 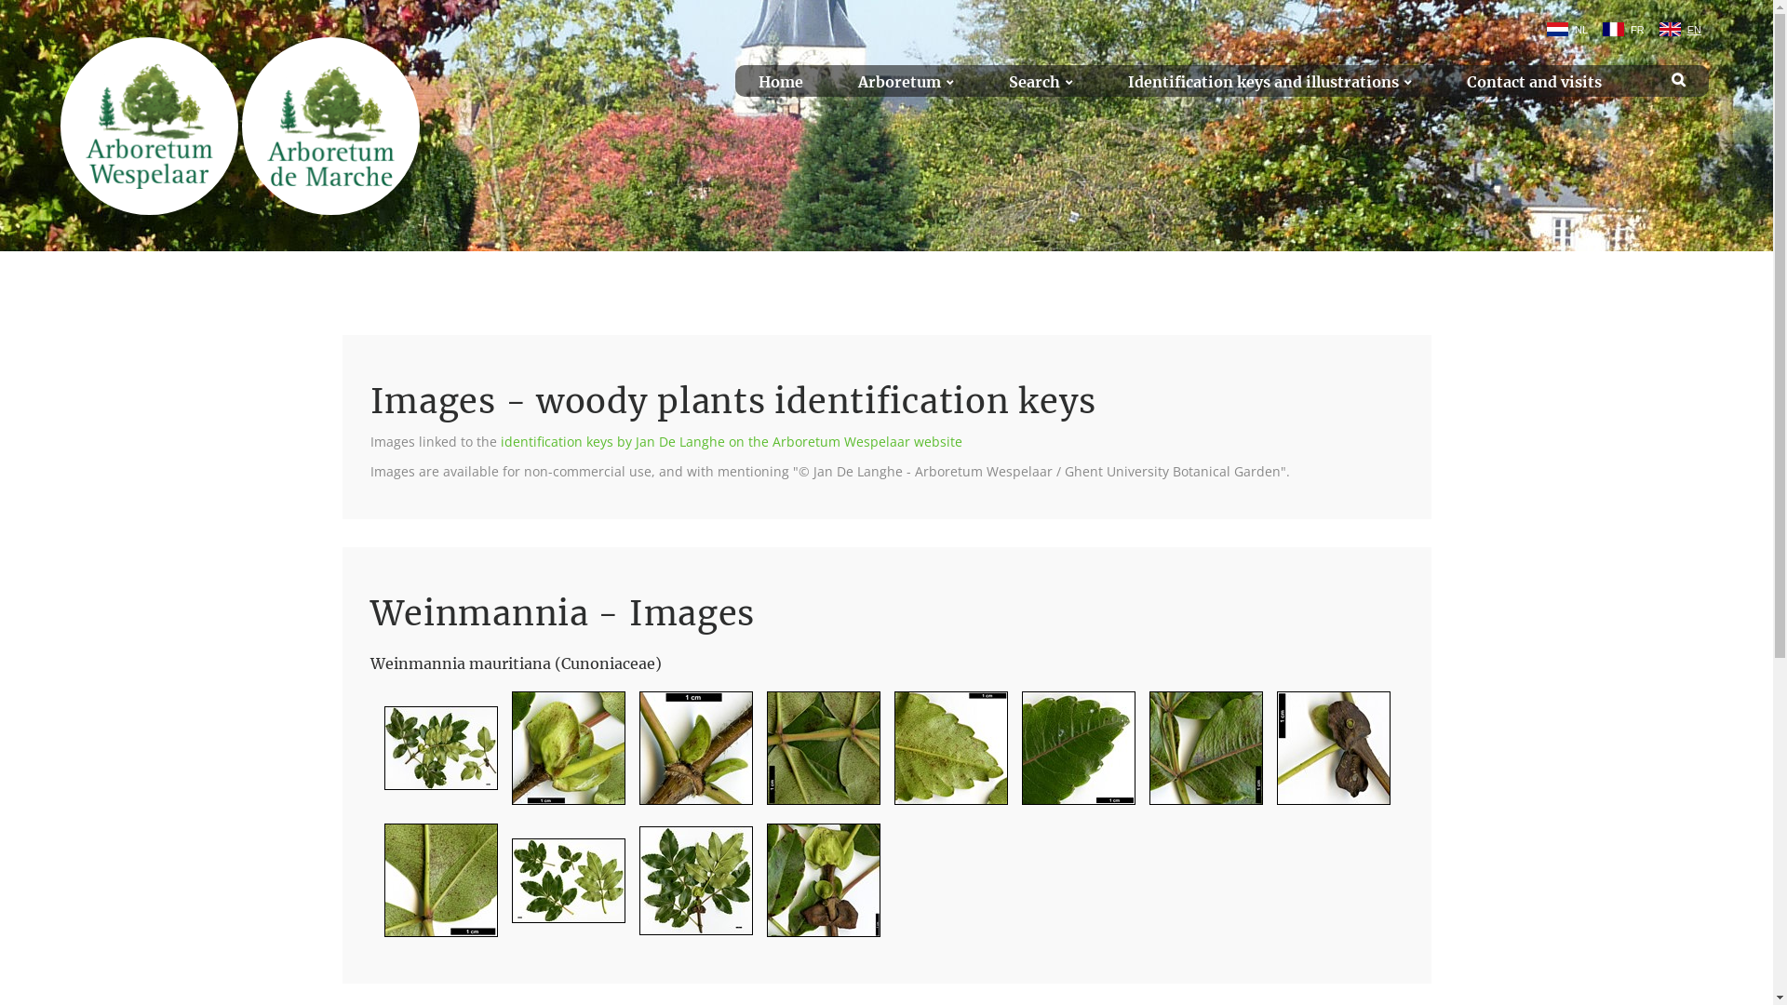 I want to click on 'NL', so click(x=1571, y=30).